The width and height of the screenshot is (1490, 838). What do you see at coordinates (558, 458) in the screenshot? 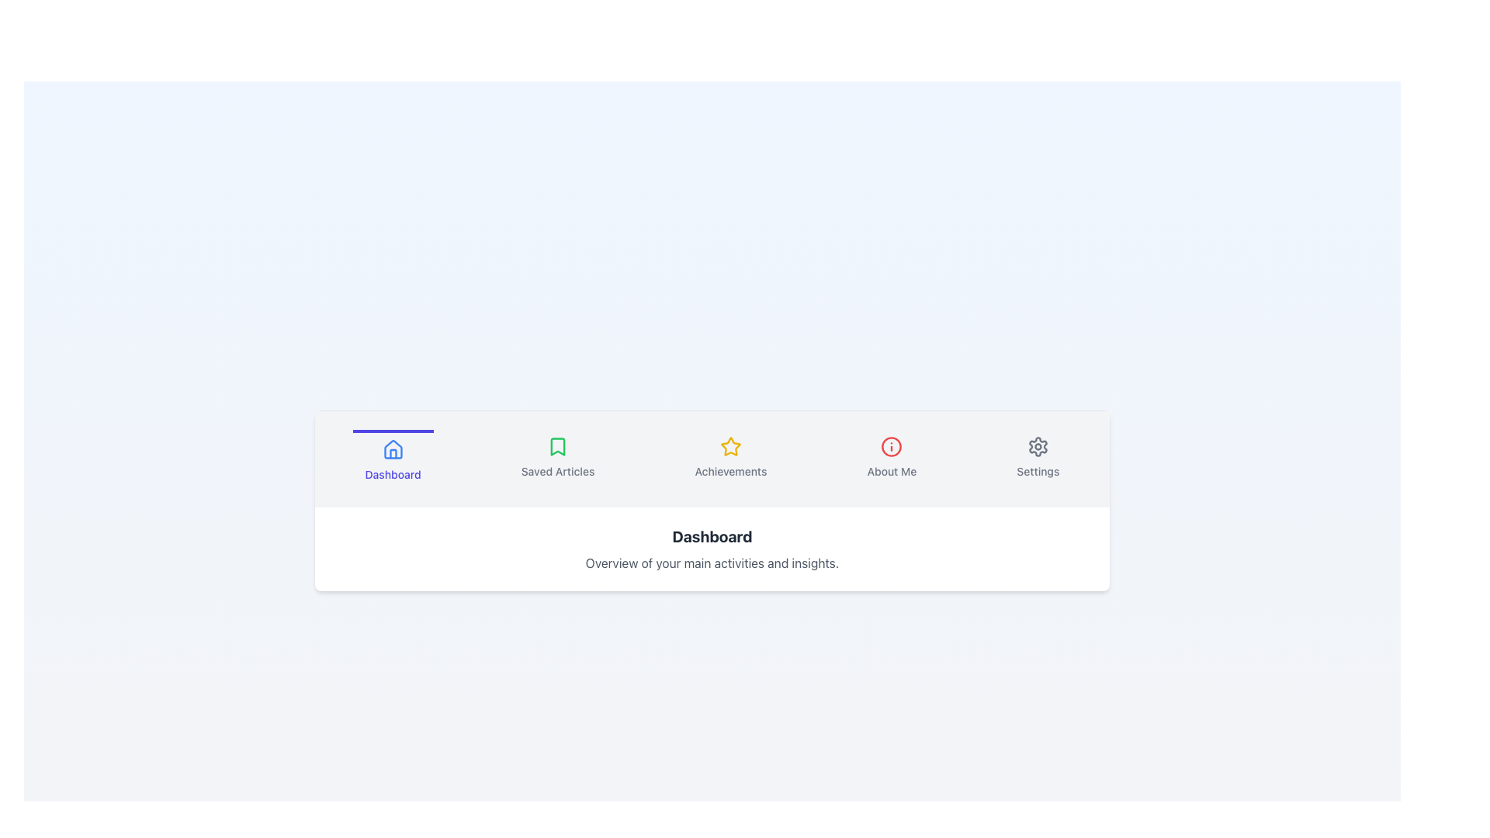
I see `the button with a green bookmark icon and the text 'Saved Articles'` at bounding box center [558, 458].